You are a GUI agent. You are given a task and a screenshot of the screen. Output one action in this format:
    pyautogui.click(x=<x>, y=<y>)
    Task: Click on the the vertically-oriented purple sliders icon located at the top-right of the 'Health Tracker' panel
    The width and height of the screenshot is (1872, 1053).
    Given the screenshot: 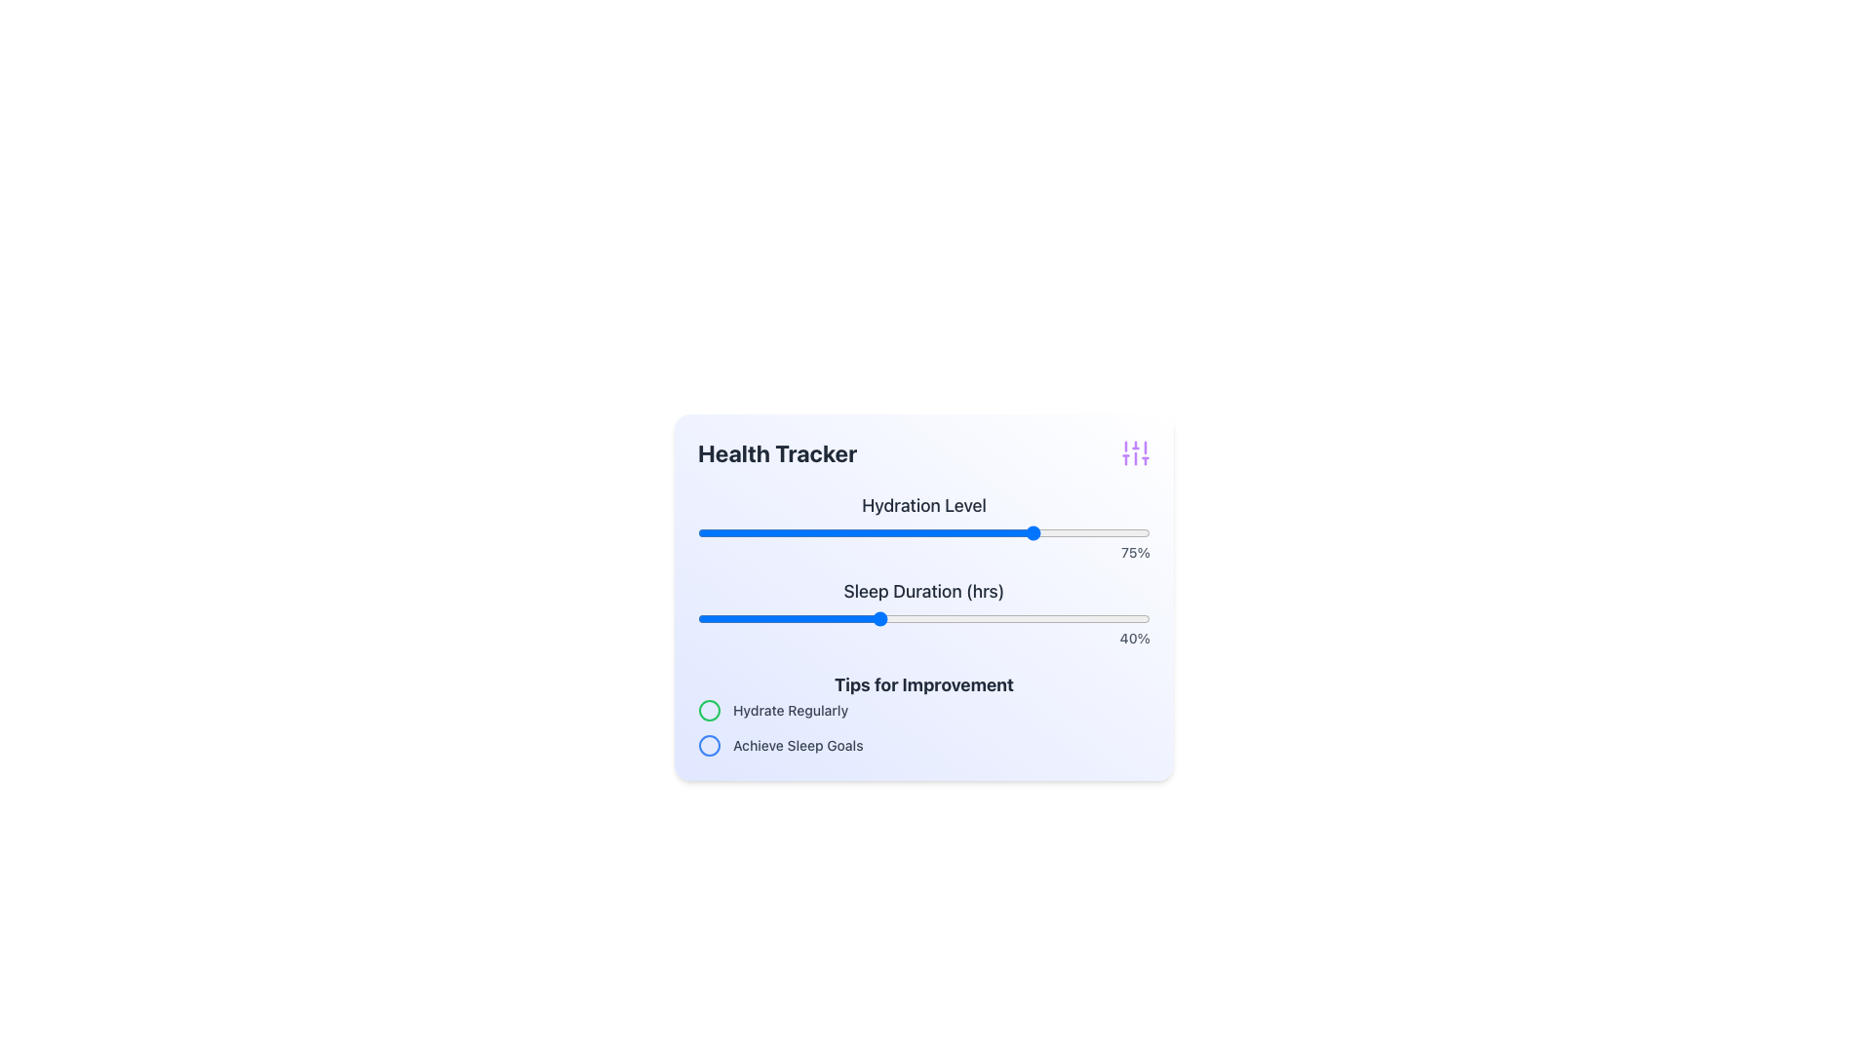 What is the action you would take?
    pyautogui.click(x=1136, y=453)
    